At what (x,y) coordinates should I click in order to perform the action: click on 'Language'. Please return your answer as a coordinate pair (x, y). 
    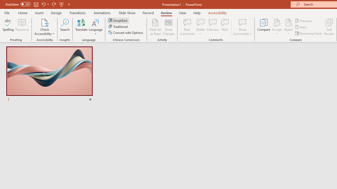
    Looking at the image, I should click on (96, 27).